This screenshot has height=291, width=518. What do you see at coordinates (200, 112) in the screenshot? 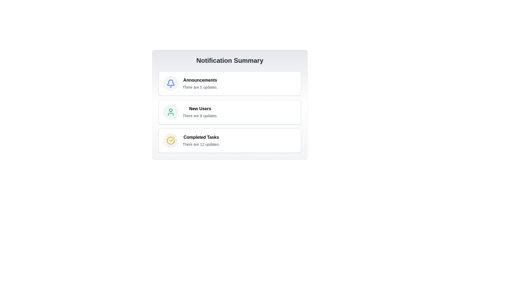
I see `notification indicator for the 'New Users' category that displays 8 updates, located in the second position of a vertically stacked list` at bounding box center [200, 112].